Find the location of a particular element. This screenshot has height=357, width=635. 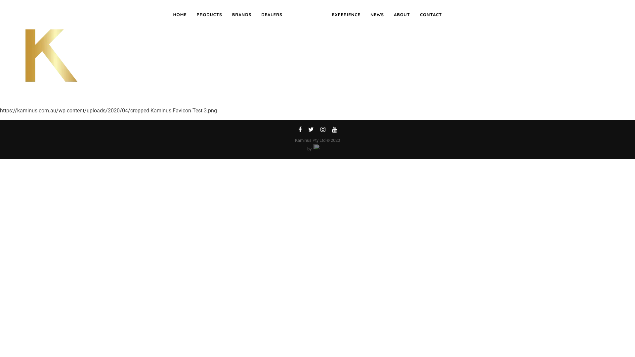

'Facebook' is located at coordinates (300, 131).